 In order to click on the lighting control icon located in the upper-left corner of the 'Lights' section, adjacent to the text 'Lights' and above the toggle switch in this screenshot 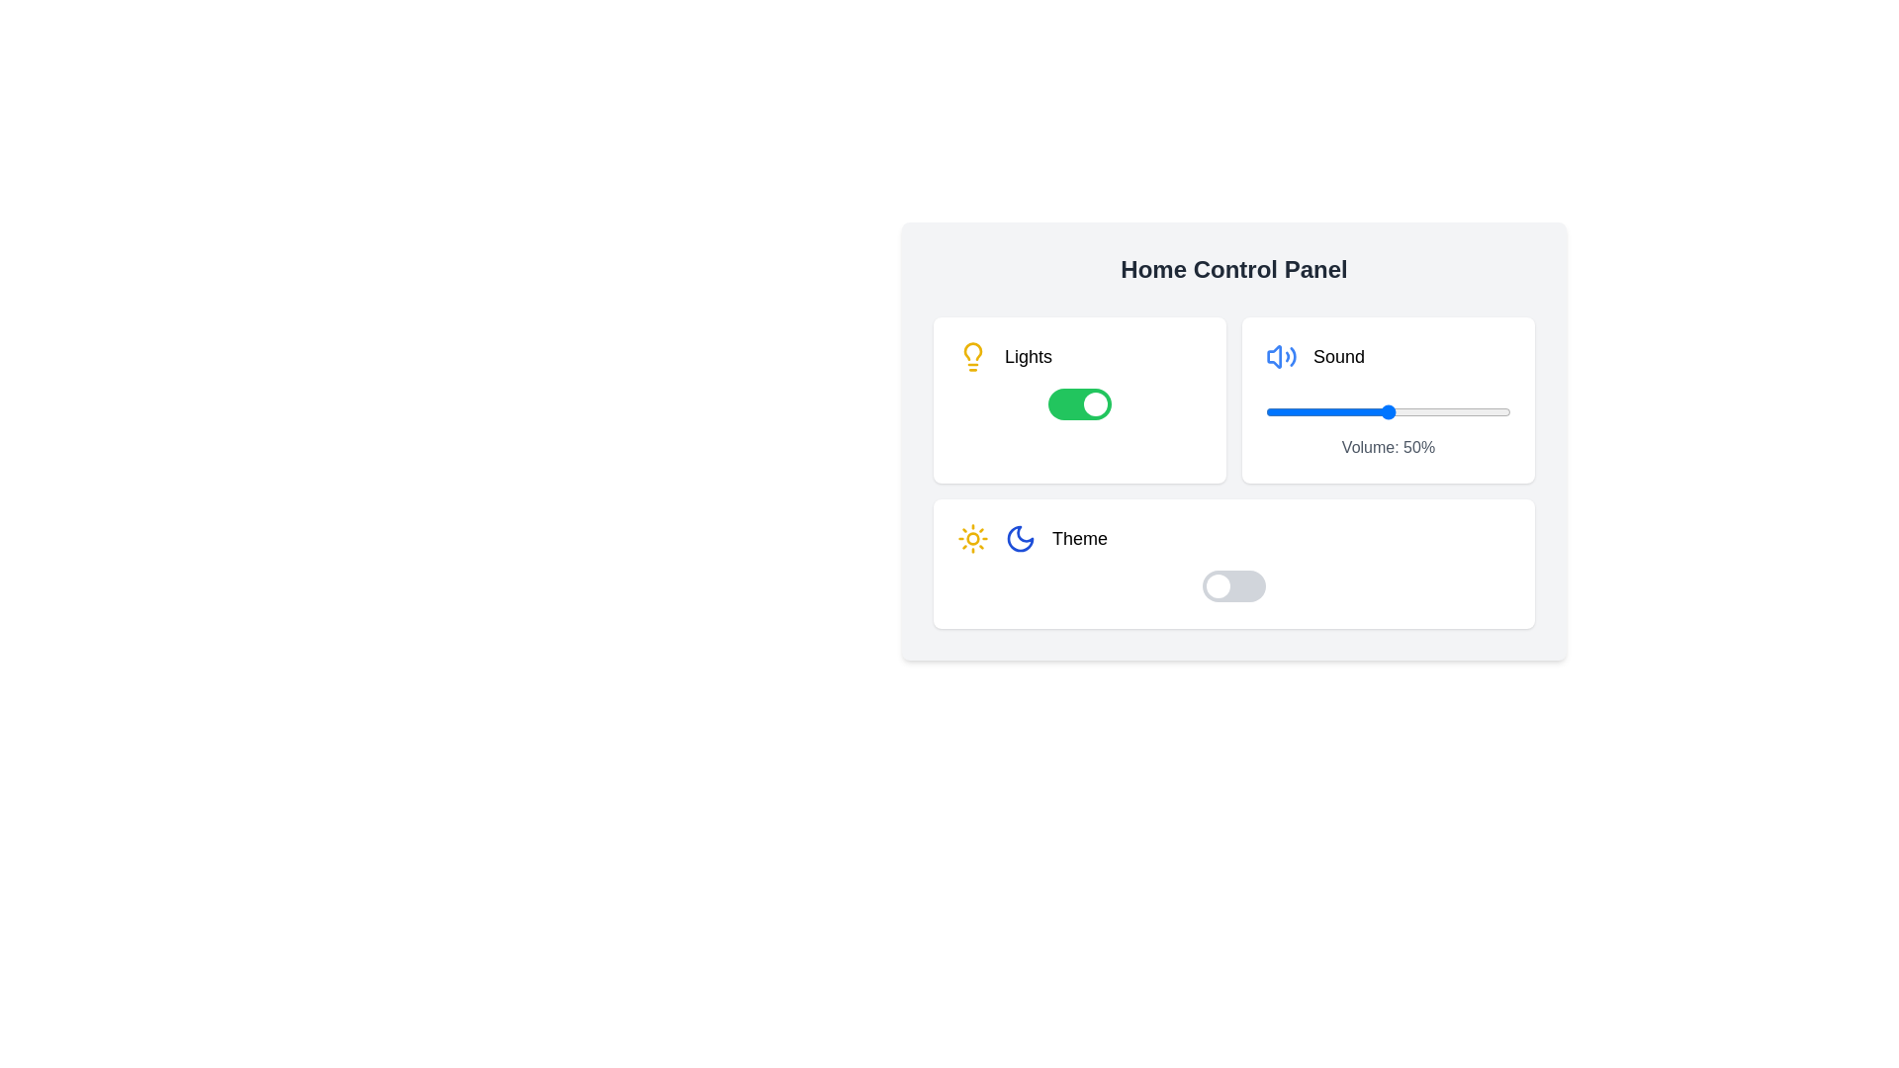, I will do `click(972, 357)`.